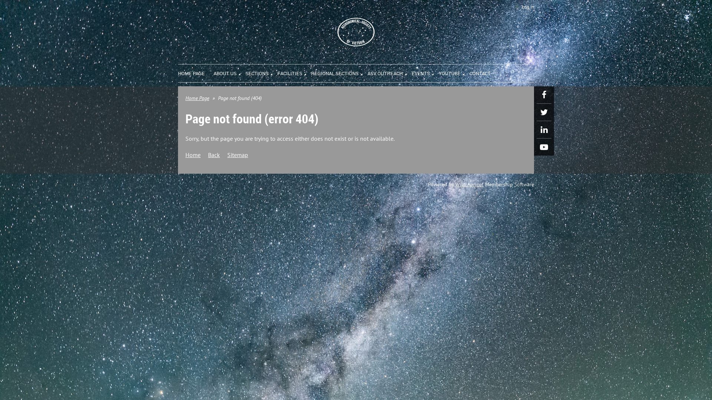 The image size is (712, 400). What do you see at coordinates (469, 184) in the screenshot?
I see `'Wild Apricot'` at bounding box center [469, 184].